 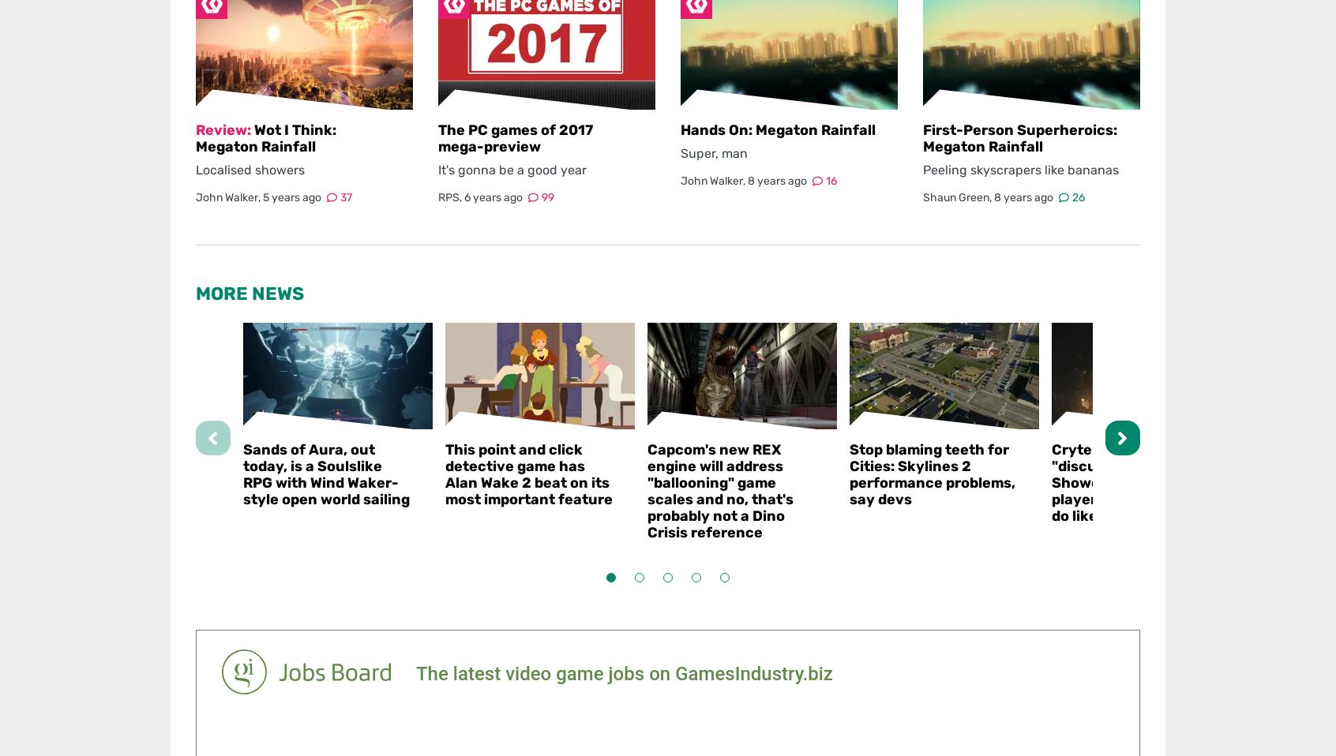 What do you see at coordinates (713, 152) in the screenshot?
I see `'Super, man'` at bounding box center [713, 152].